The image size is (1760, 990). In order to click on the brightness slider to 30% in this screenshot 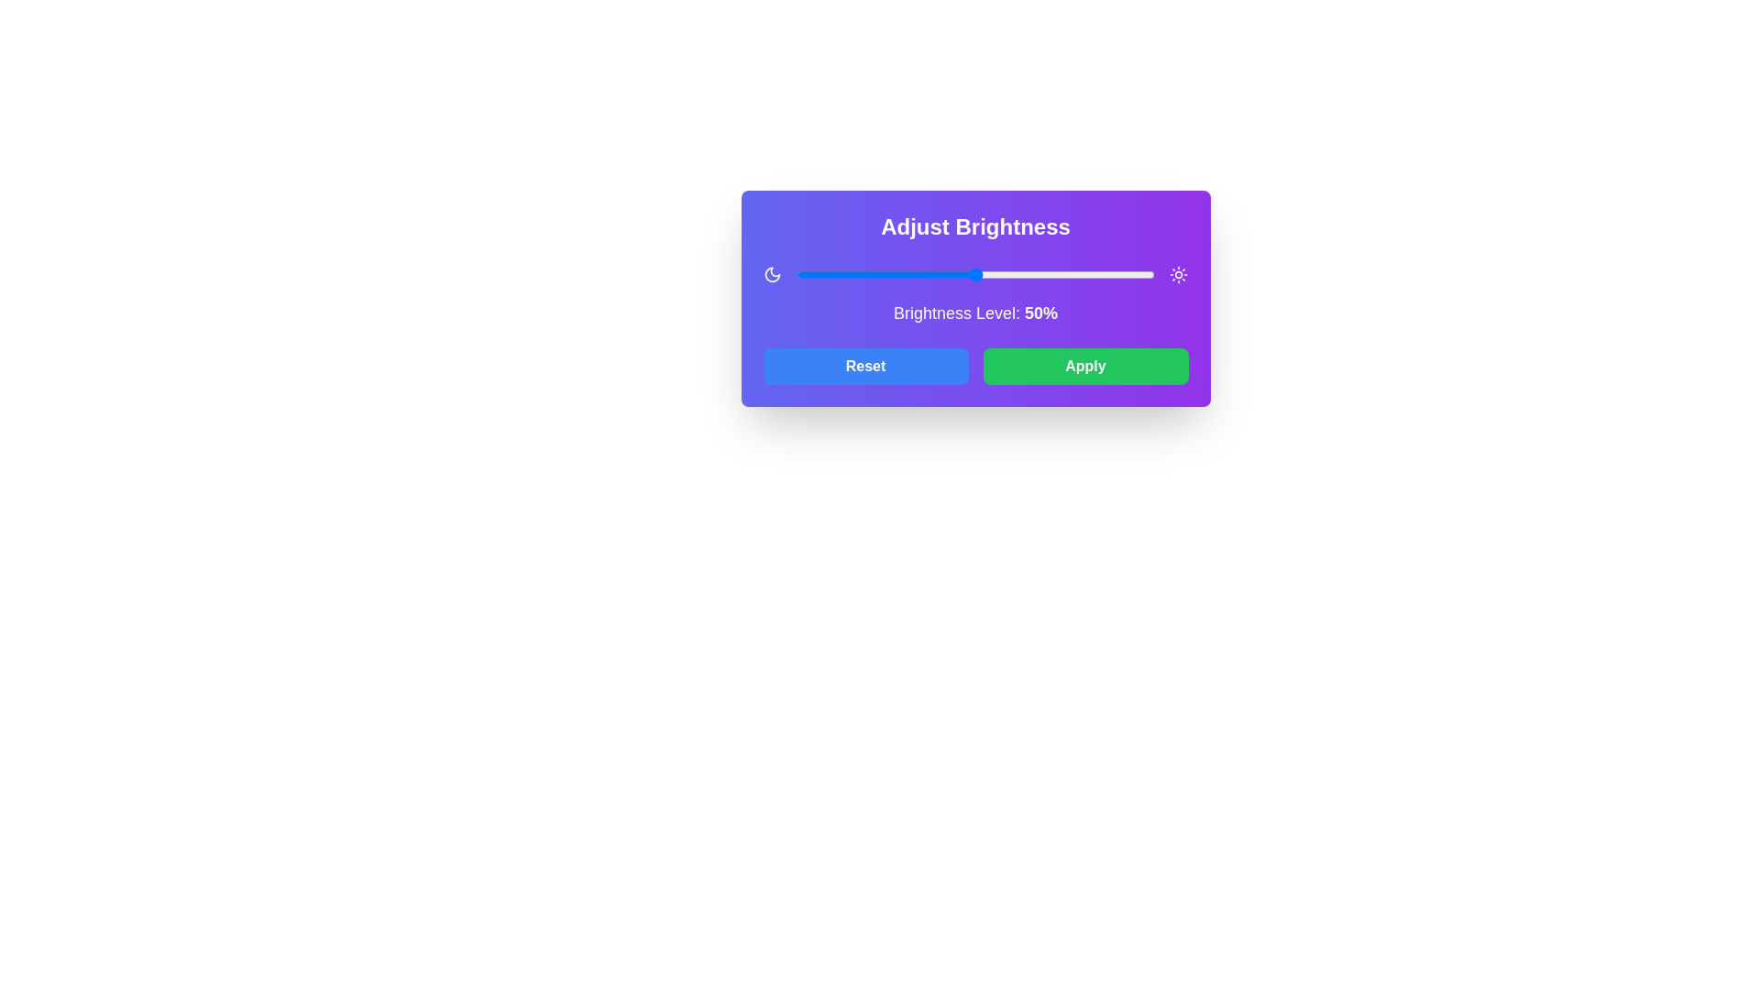, I will do `click(904, 275)`.